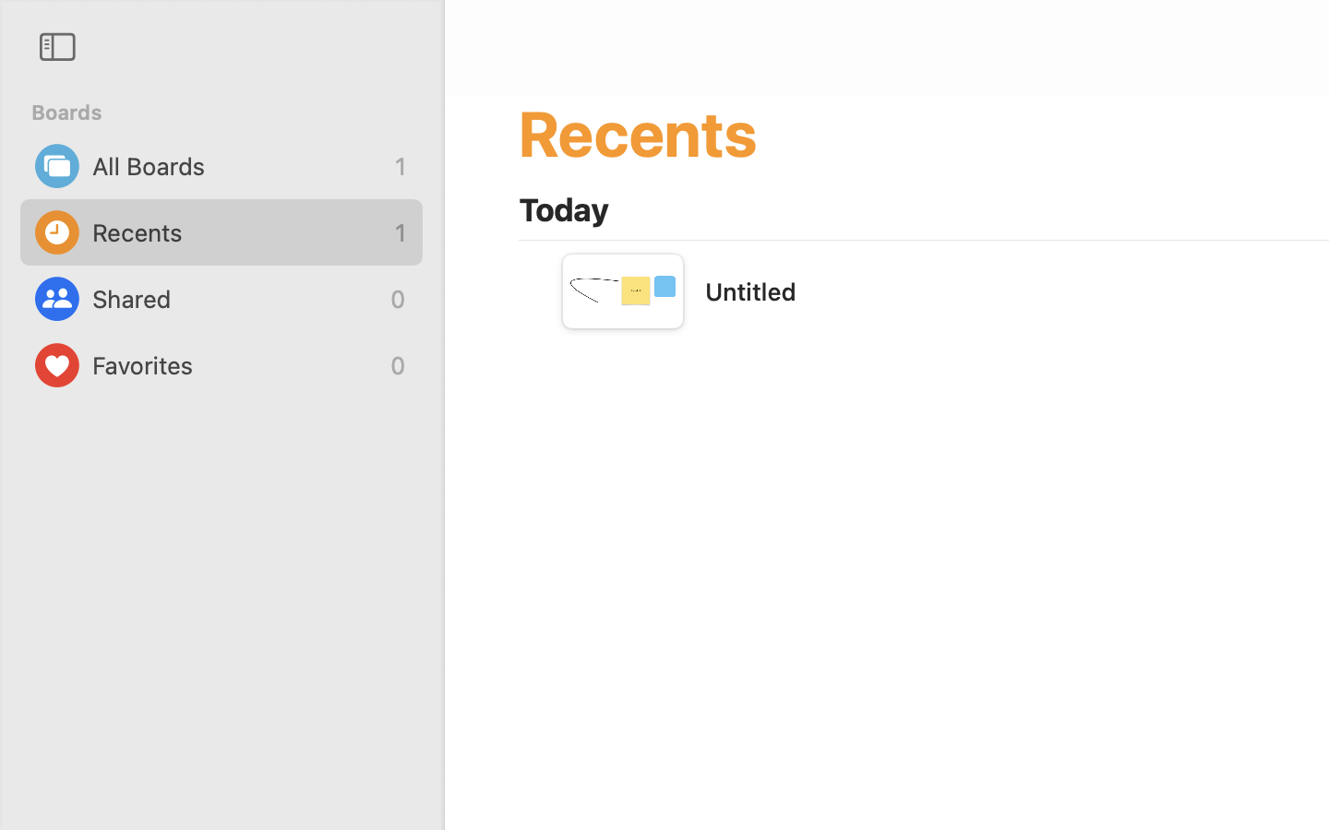 The height and width of the screenshot is (830, 1329). What do you see at coordinates (238, 231) in the screenshot?
I see `'Recents'` at bounding box center [238, 231].